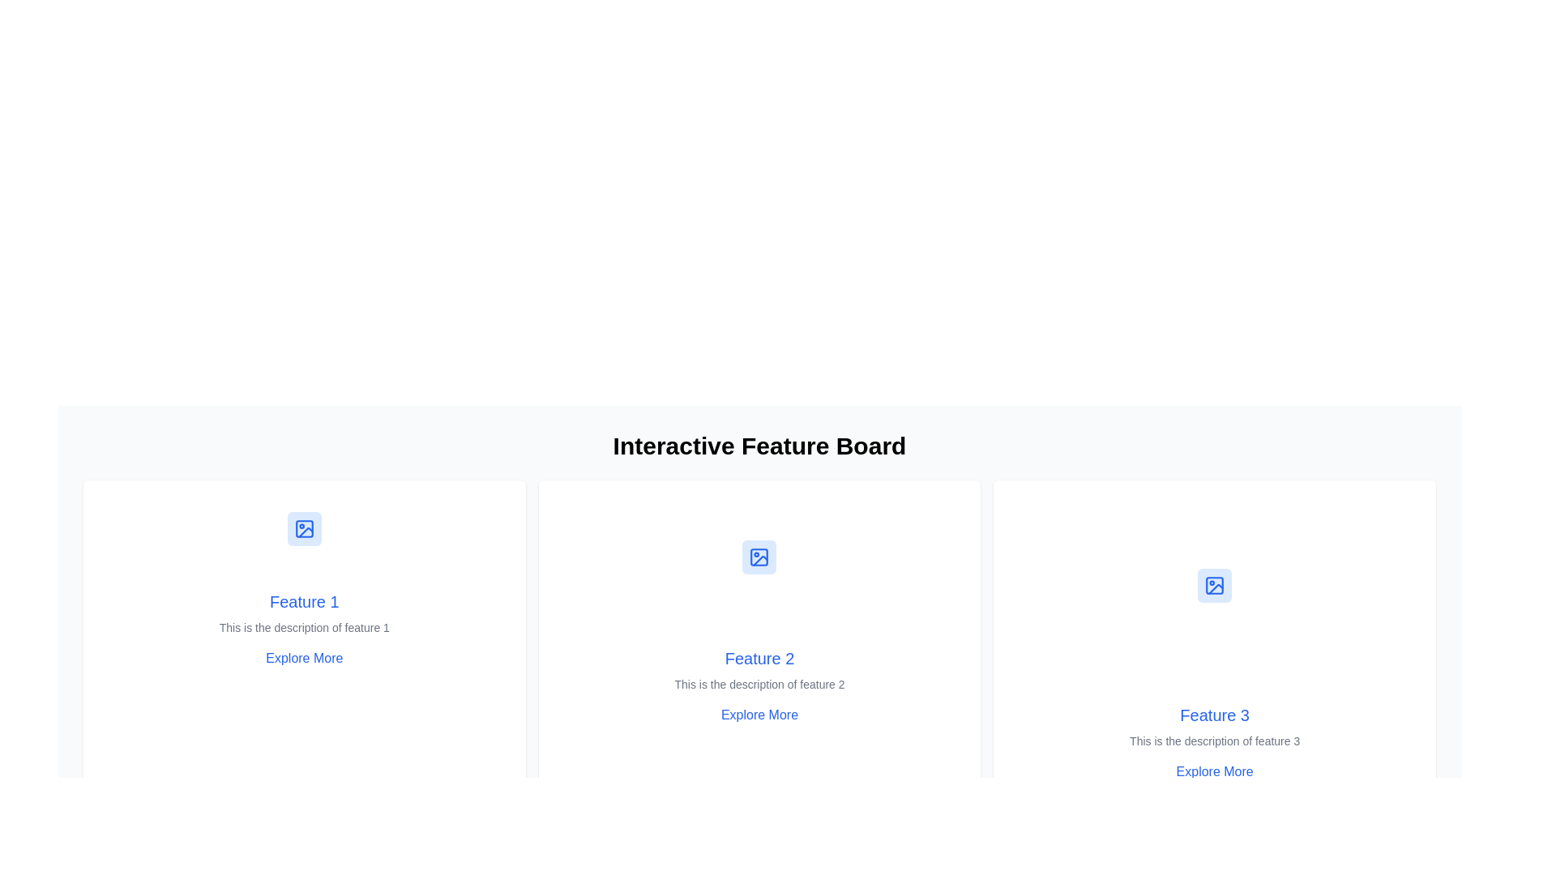 This screenshot has height=875, width=1556. What do you see at coordinates (759, 556) in the screenshot?
I see `the Decorative icon located in the middle-area of the card labeled 'Feature 2', the second card from the left` at bounding box center [759, 556].